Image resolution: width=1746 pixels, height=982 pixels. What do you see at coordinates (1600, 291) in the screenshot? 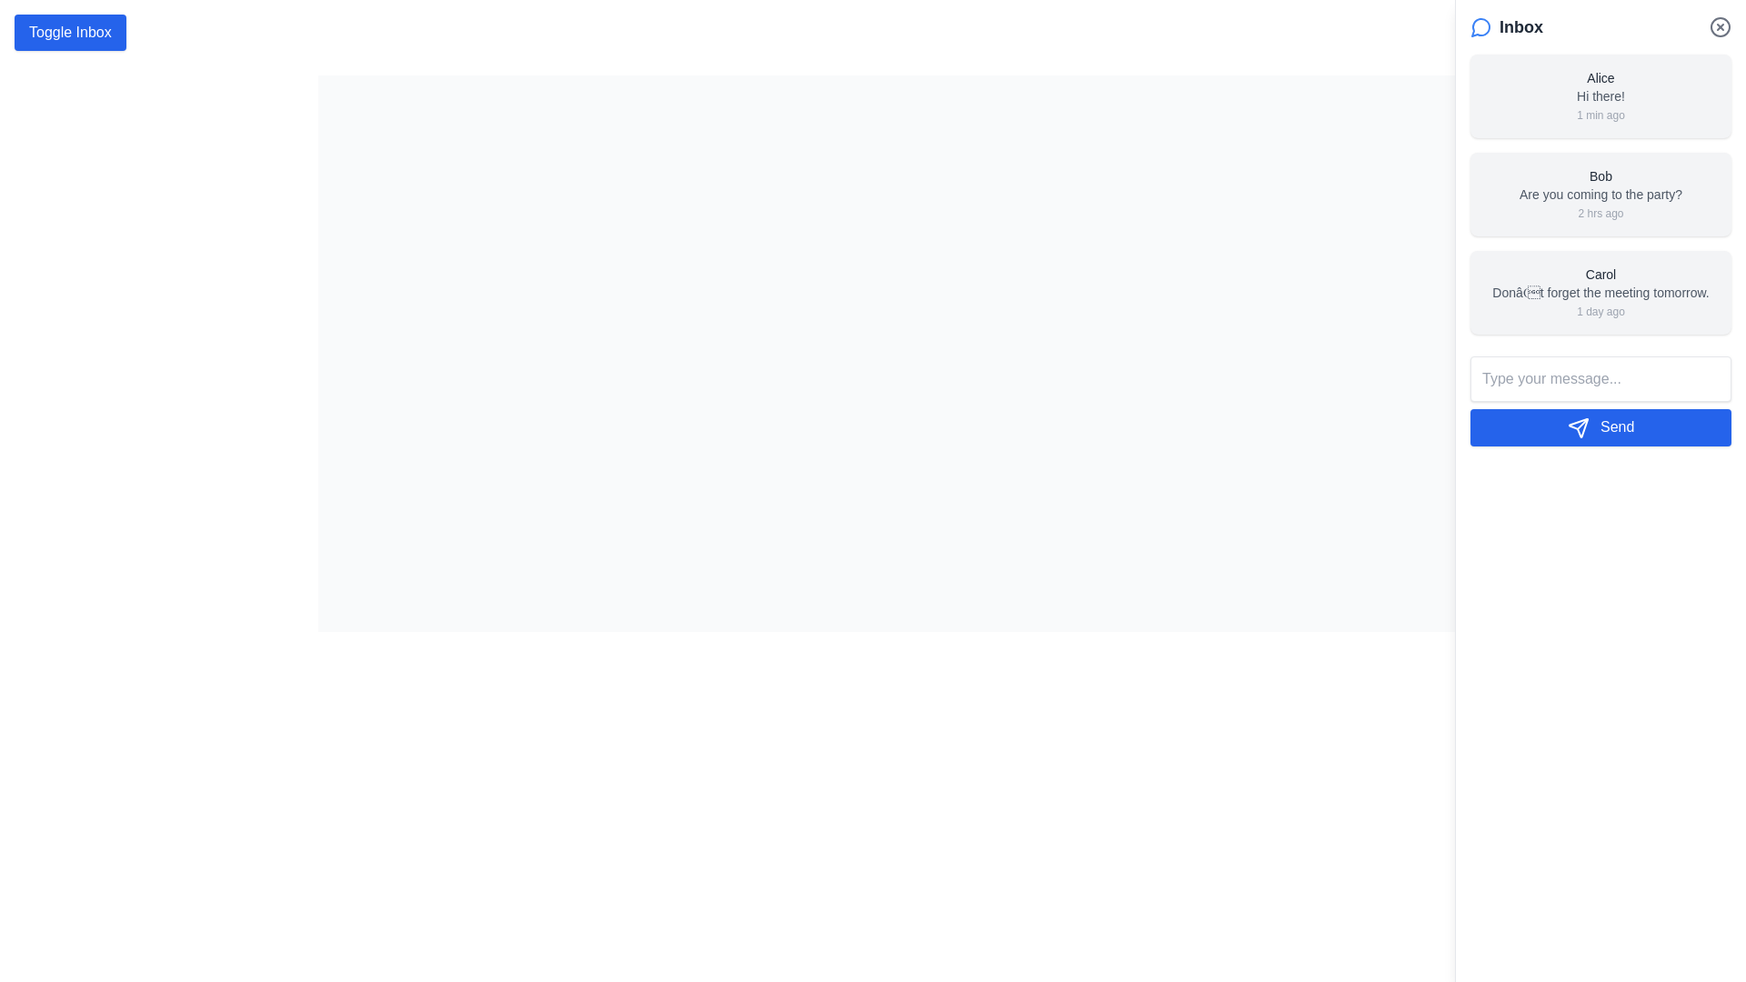
I see `the text label displaying 'Donâ€™t forget the meeting tomorrow.' within Carol's message bubble in the chat interface` at bounding box center [1600, 291].